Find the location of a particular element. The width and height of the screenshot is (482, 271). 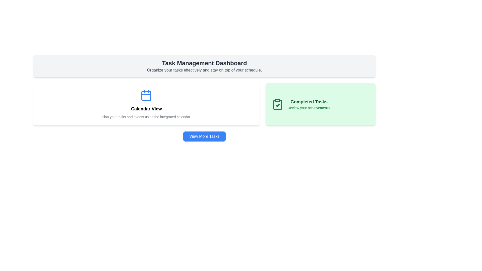

the rectangular button with a blue background and white text reading 'View More Tasks' to observe potential styling changes is located at coordinates (204, 136).